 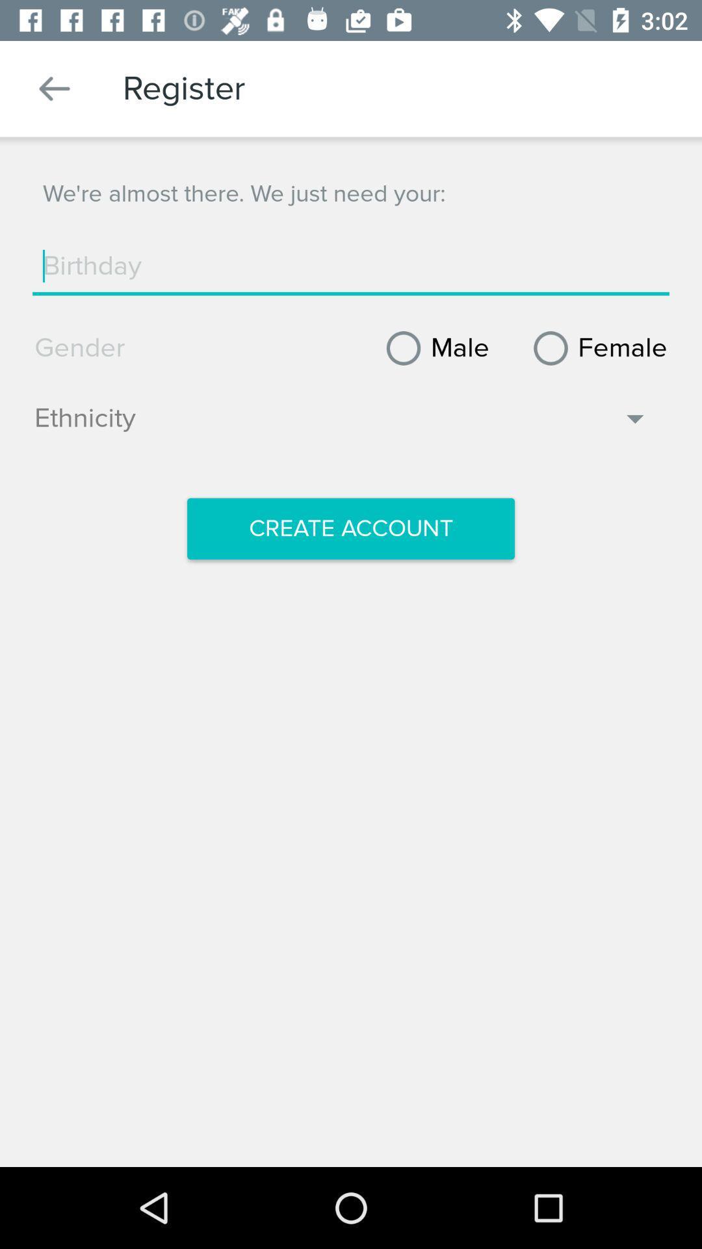 I want to click on choose ethnicity, so click(x=341, y=425).